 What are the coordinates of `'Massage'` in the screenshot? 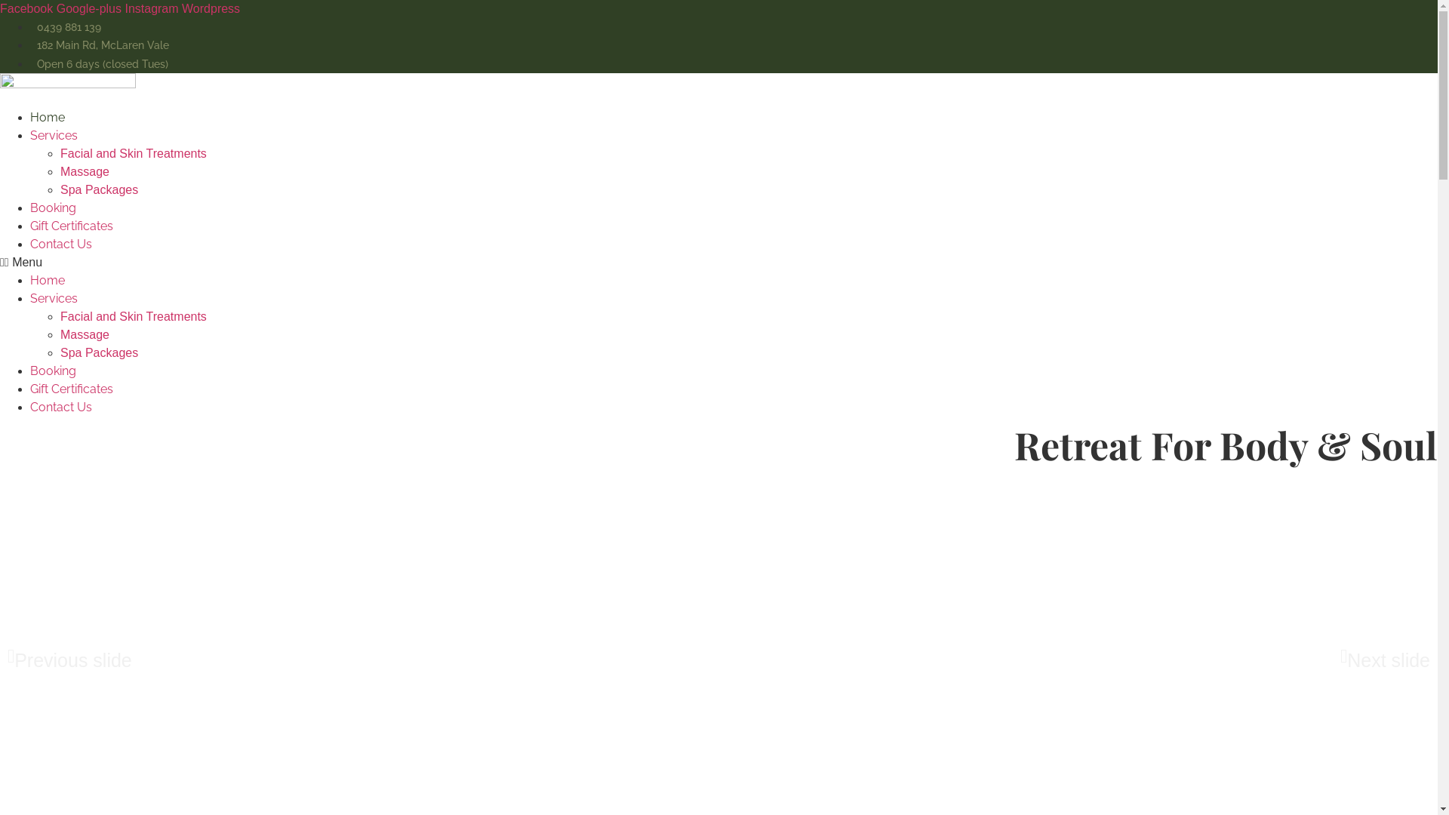 It's located at (84, 334).